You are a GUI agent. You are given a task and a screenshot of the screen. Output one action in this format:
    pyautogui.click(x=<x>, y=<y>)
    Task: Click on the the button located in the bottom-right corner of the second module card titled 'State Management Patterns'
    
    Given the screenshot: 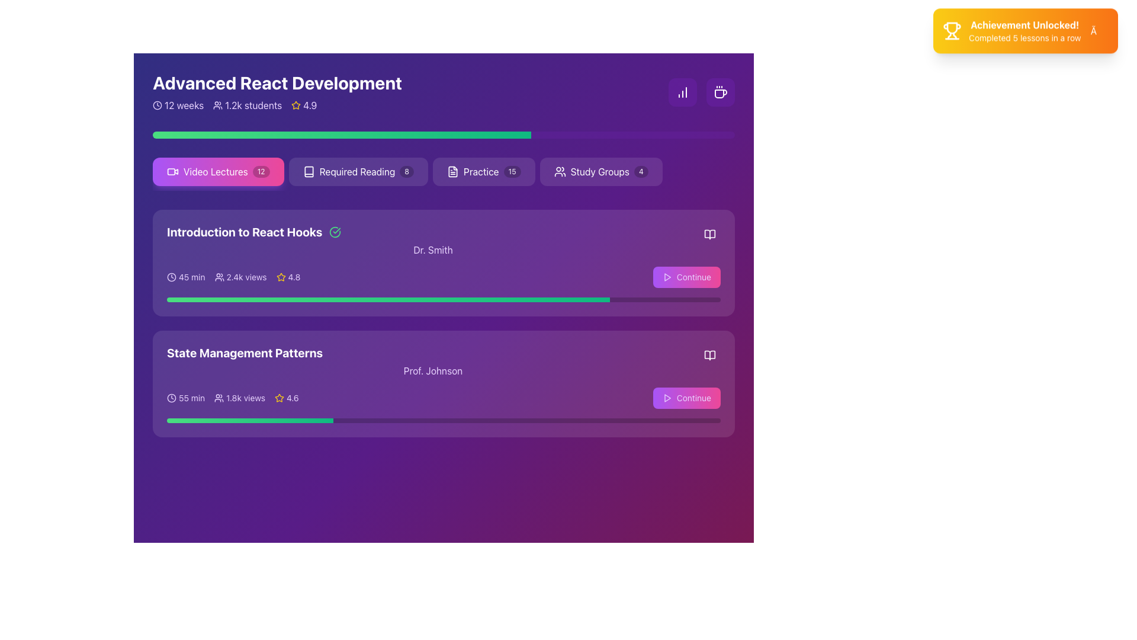 What is the action you would take?
    pyautogui.click(x=686, y=398)
    